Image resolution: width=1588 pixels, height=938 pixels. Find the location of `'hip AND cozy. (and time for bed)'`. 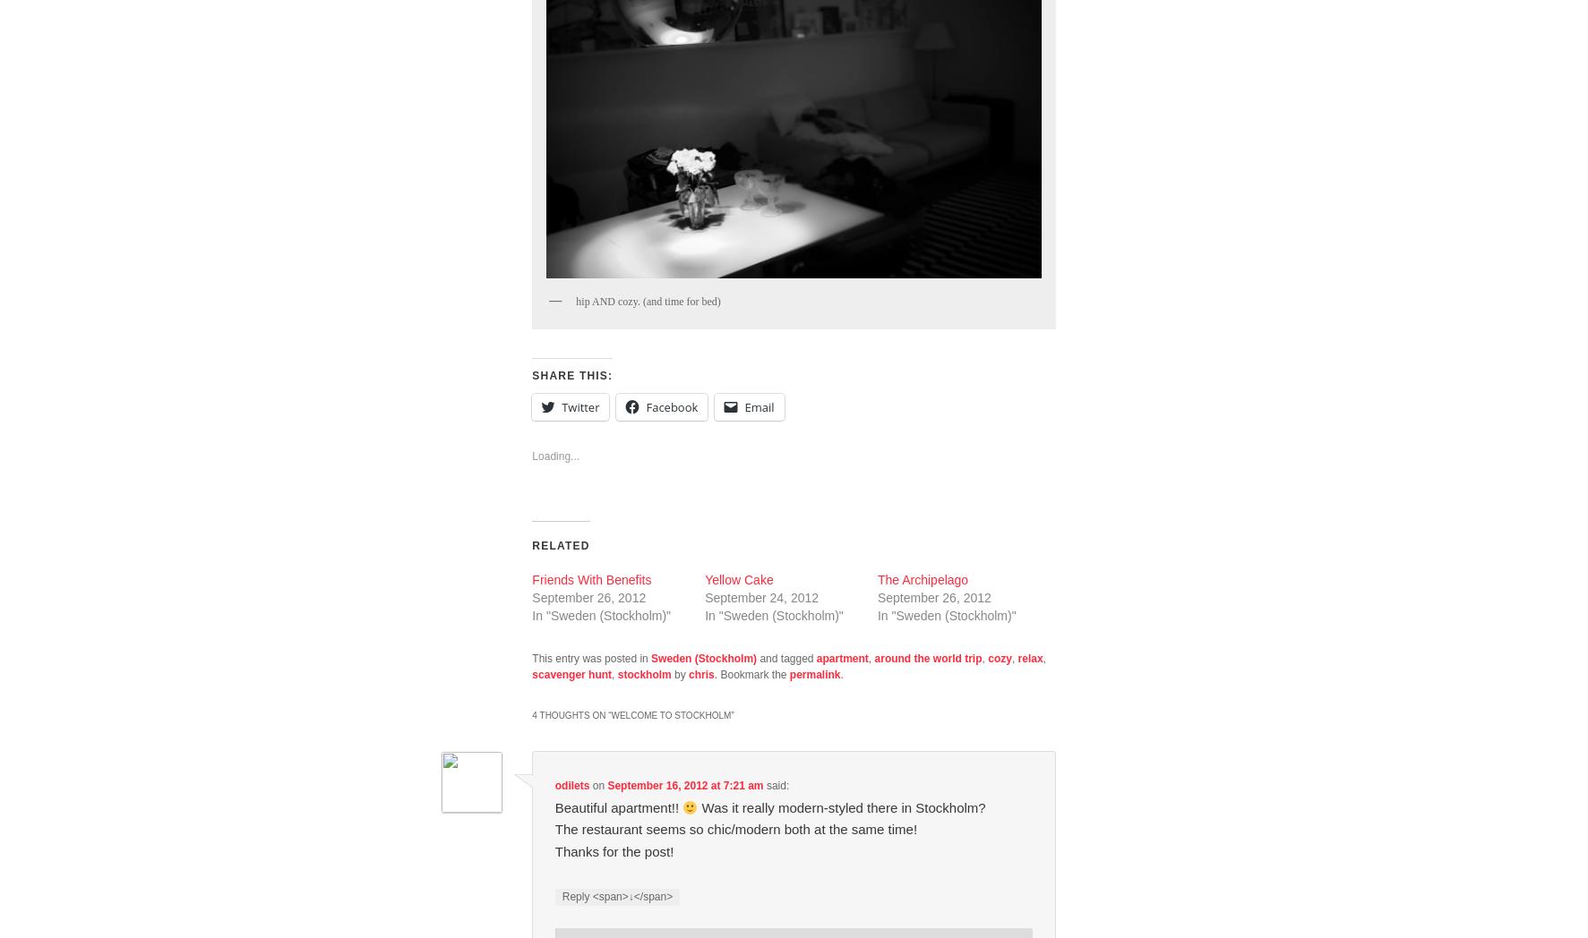

'hip AND cozy. (and time for bed)' is located at coordinates (648, 300).